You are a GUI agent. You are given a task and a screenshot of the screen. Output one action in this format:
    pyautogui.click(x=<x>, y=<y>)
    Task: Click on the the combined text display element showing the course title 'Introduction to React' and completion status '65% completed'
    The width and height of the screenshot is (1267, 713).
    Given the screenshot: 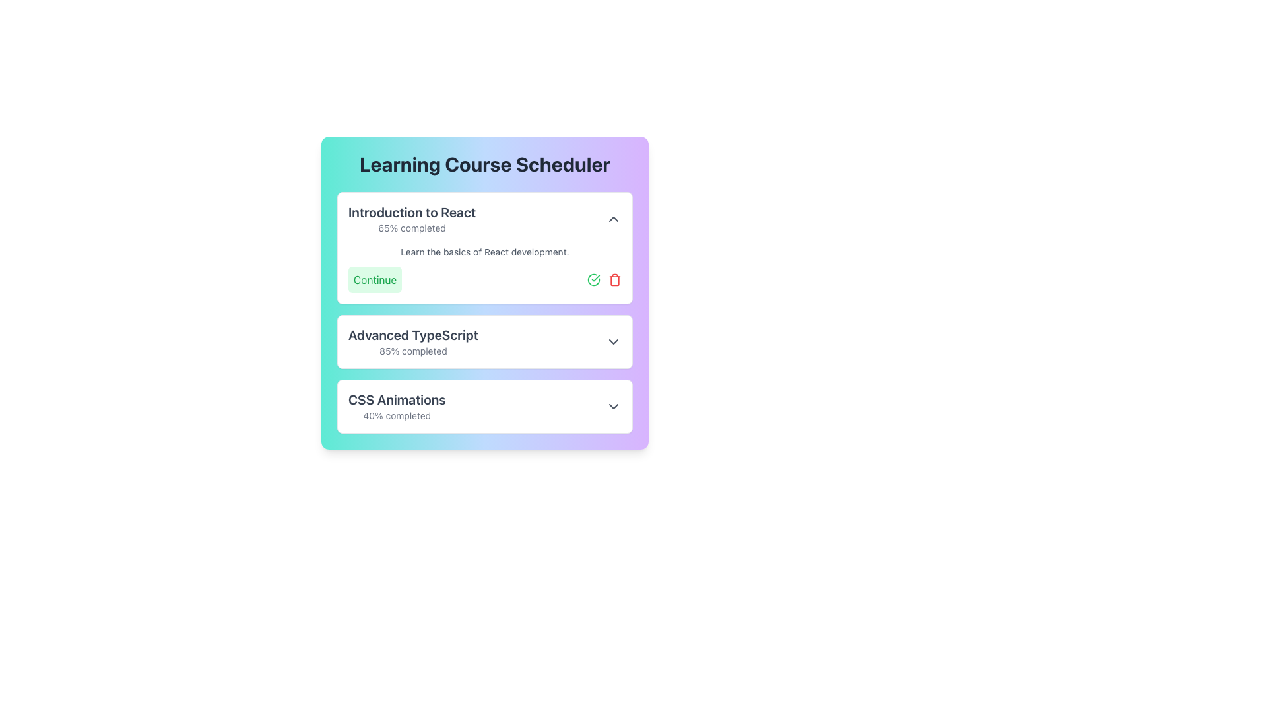 What is the action you would take?
    pyautogui.click(x=411, y=218)
    